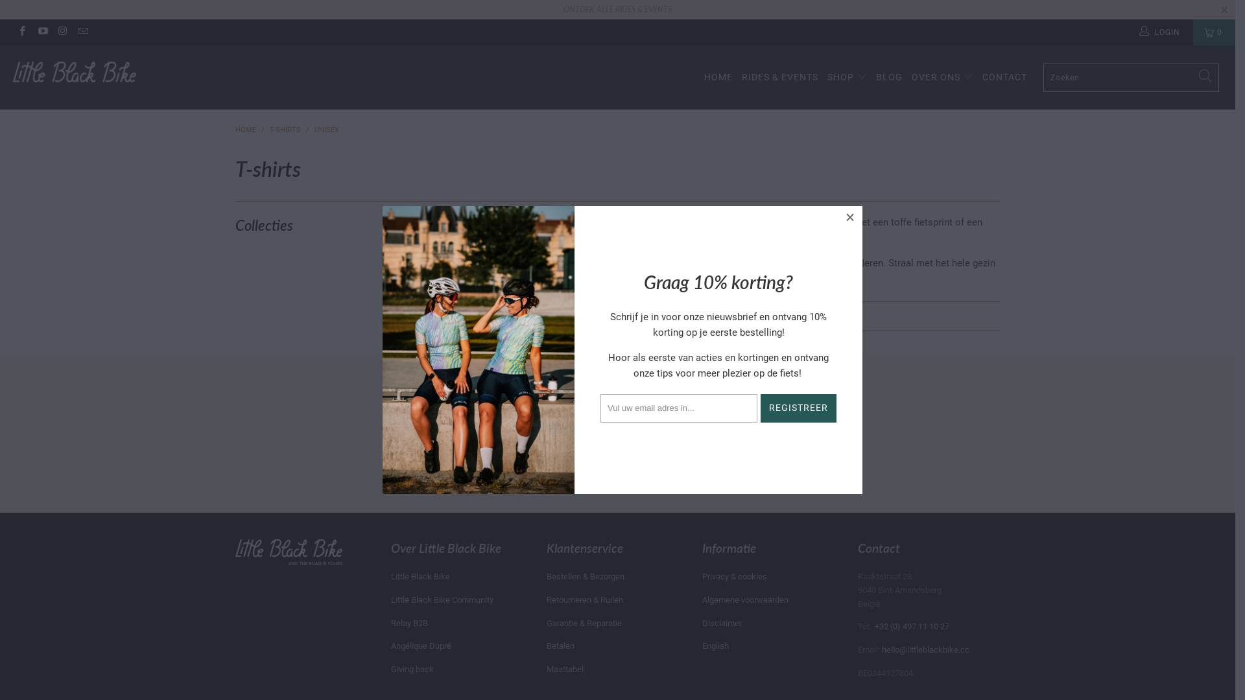 This screenshot has width=1245, height=700. I want to click on 'Maattabel', so click(545, 669).